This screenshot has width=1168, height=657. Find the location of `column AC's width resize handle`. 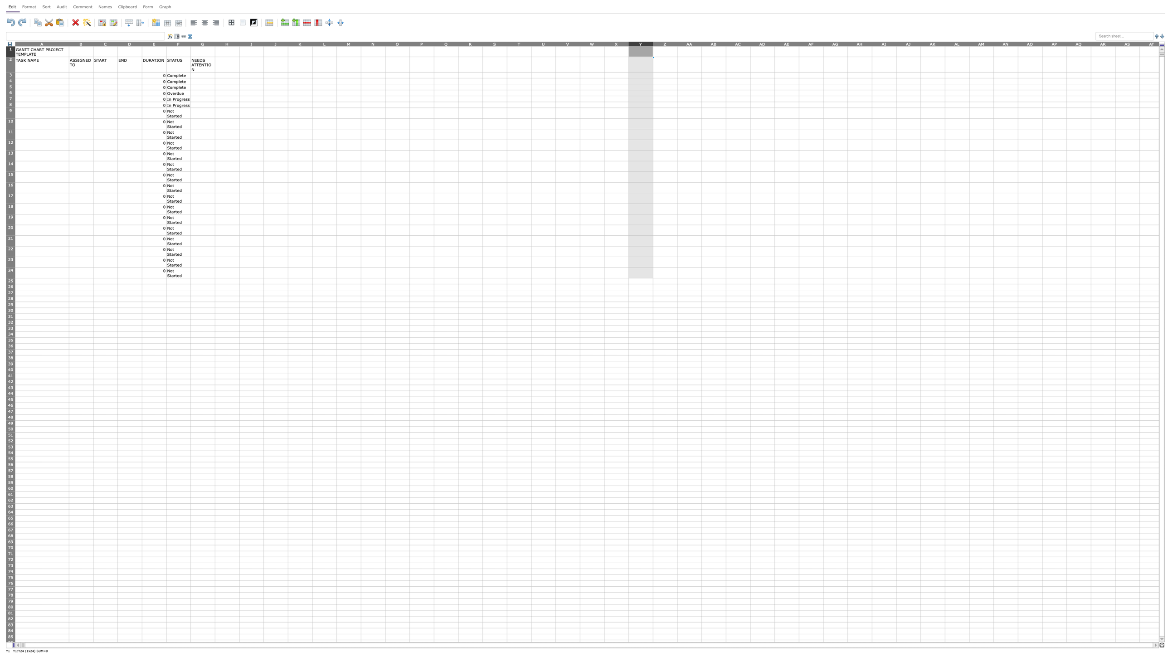

column AC's width resize handle is located at coordinates (750, 43).